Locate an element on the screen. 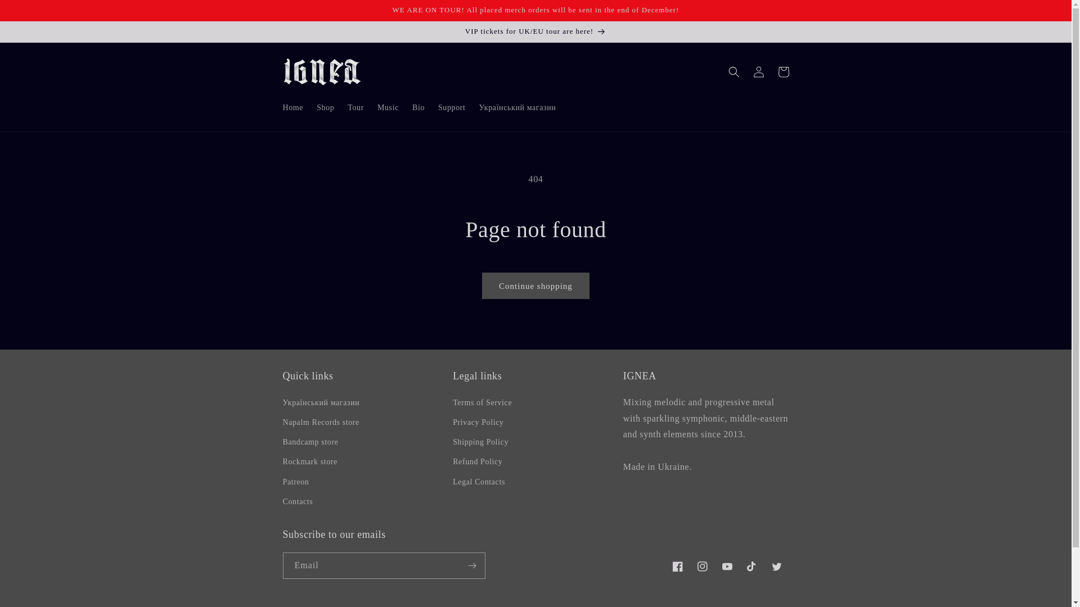  'Rockmark store' is located at coordinates (309, 461).